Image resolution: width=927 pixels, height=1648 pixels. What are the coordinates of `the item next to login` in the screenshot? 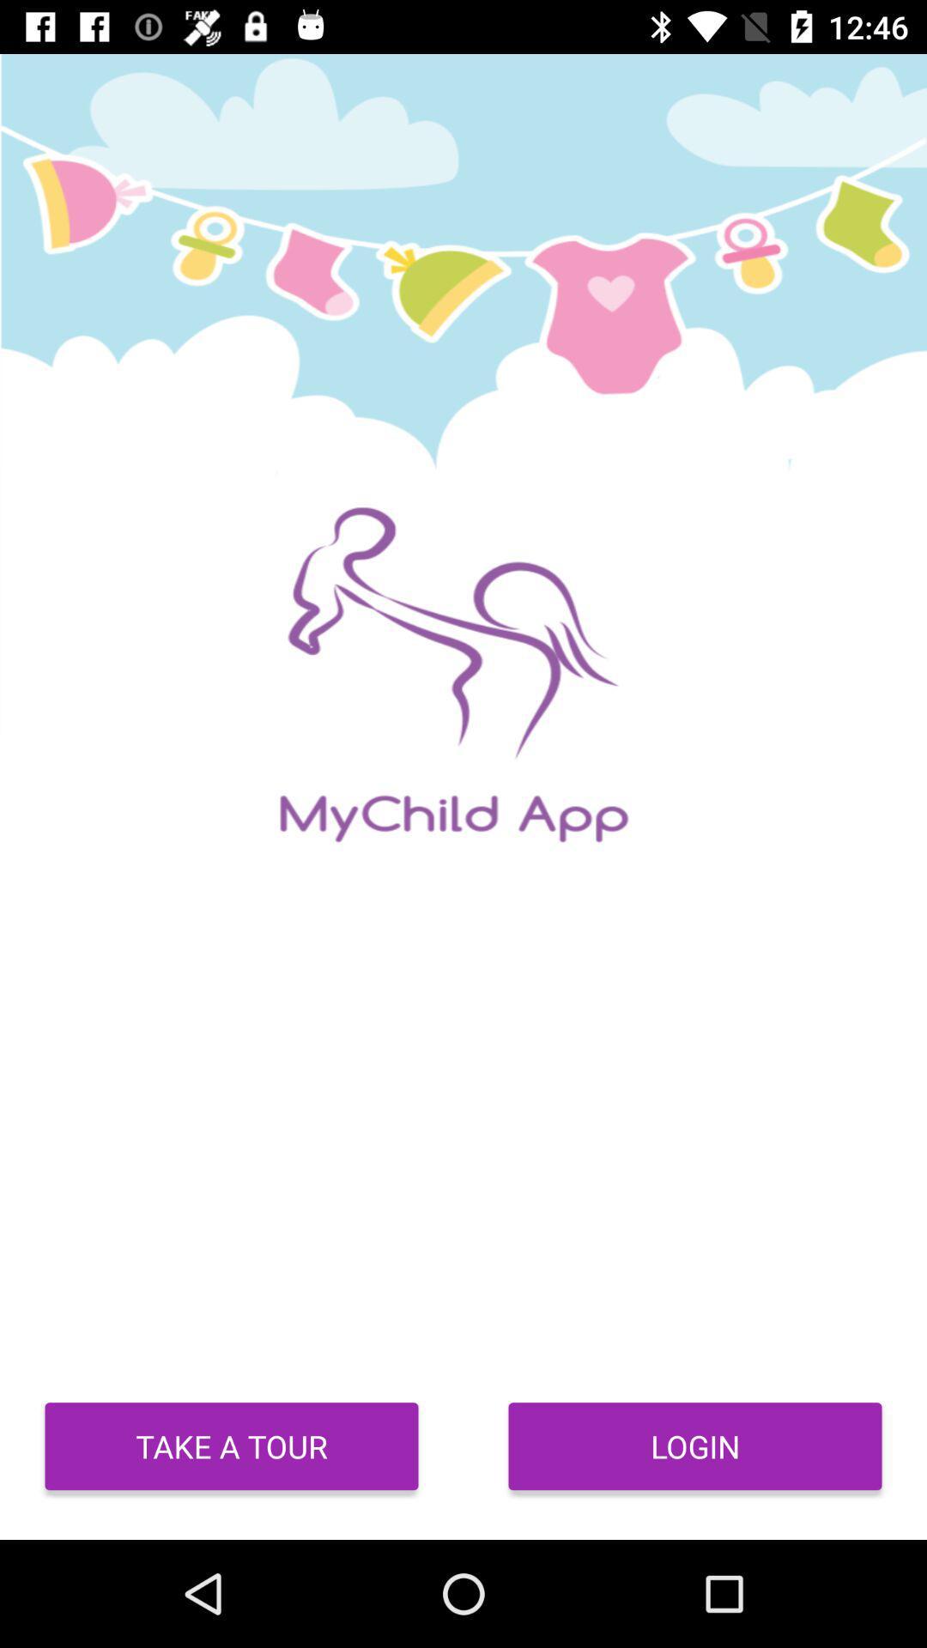 It's located at (232, 1445).